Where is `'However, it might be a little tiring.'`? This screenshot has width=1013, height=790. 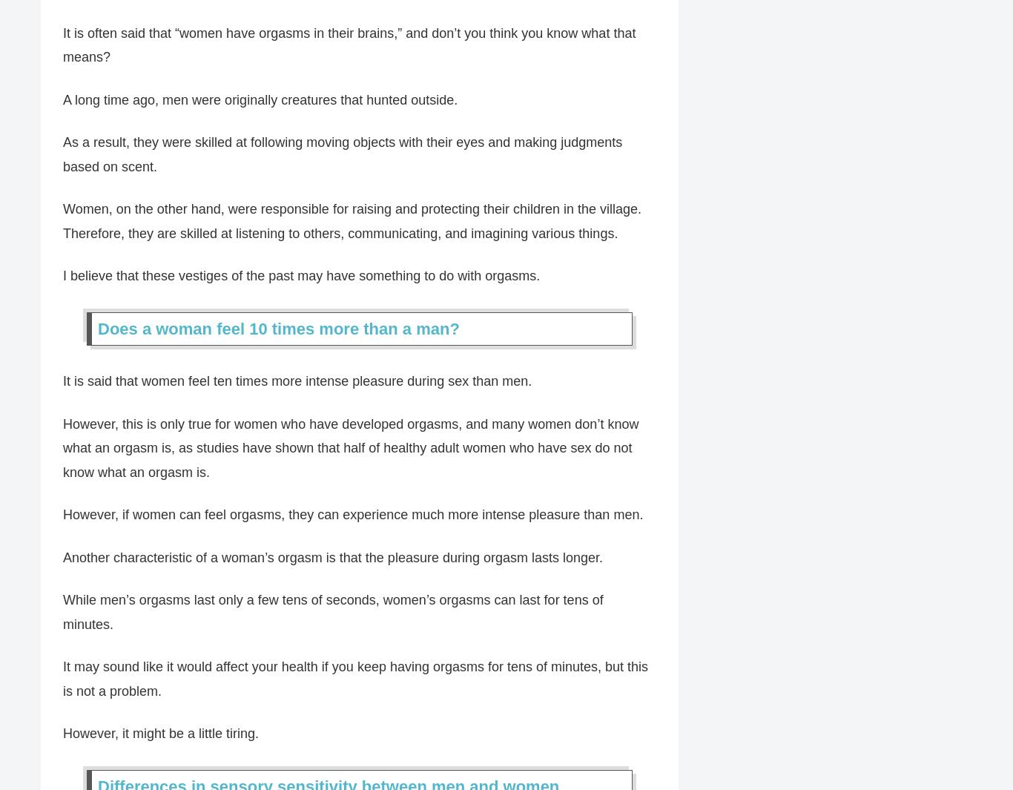
'However, it might be a little tiring.' is located at coordinates (160, 734).